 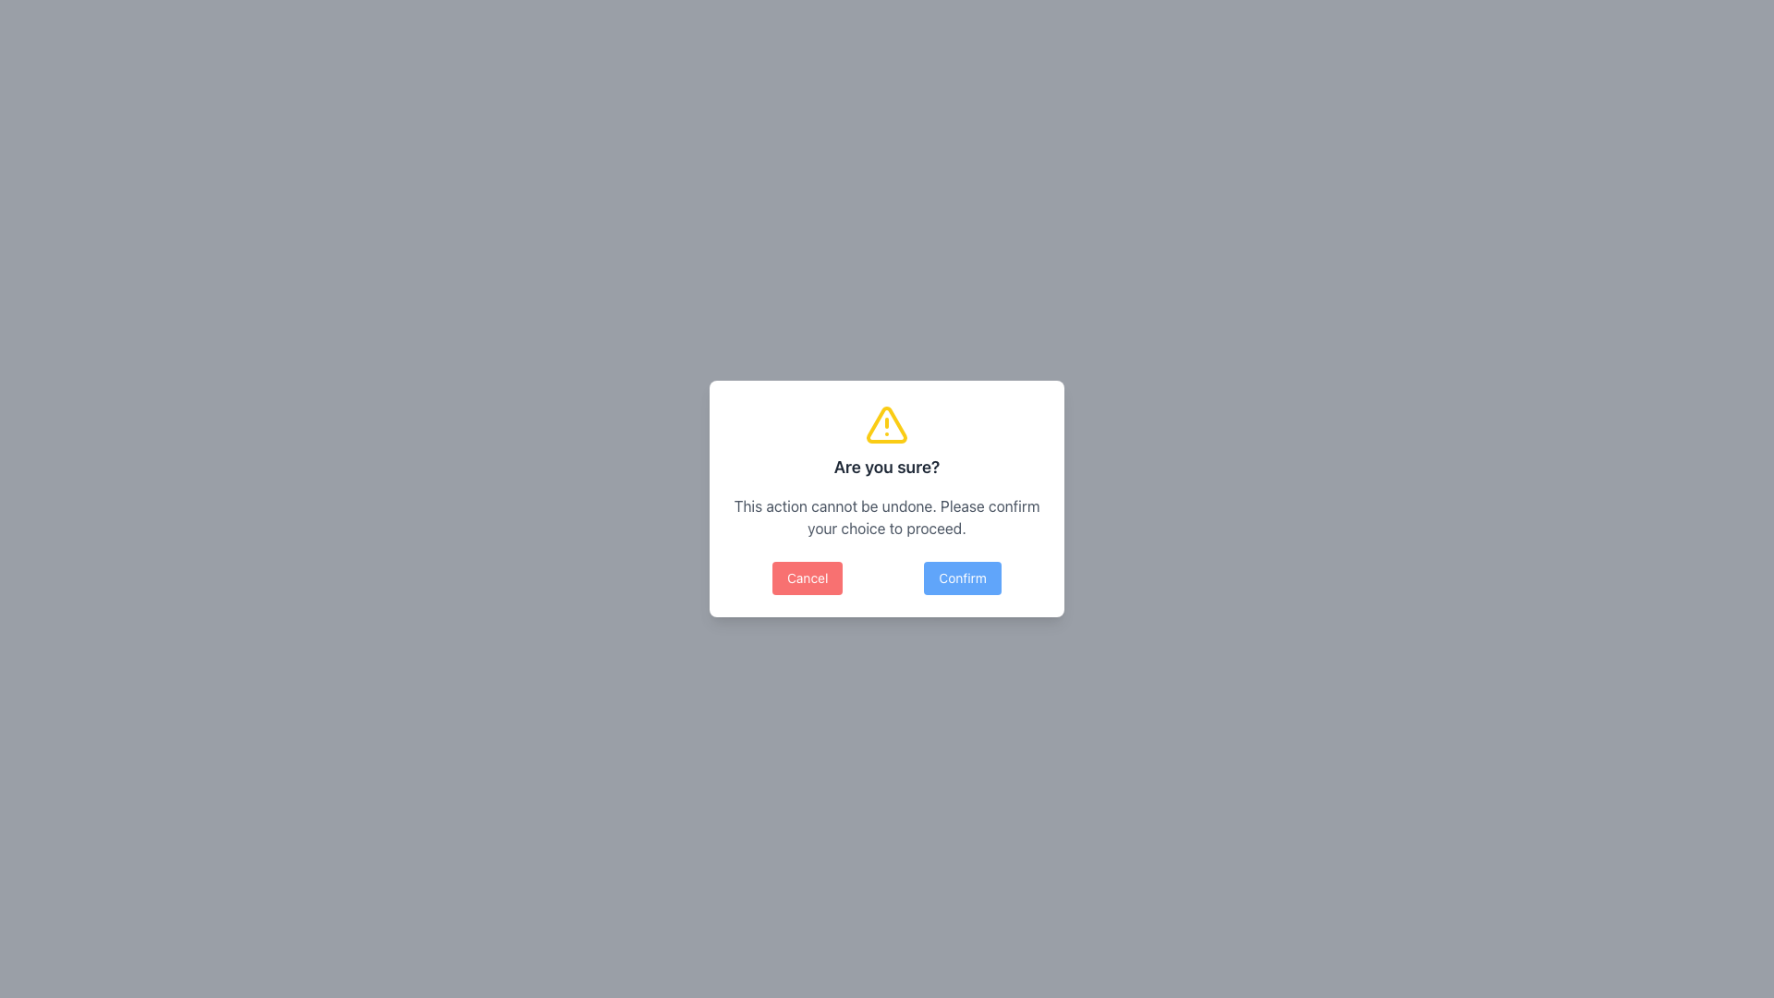 I want to click on text 'Are you sure?' which is a bold heading located centrally below the warning icon in the dialogue box, so click(x=887, y=466).